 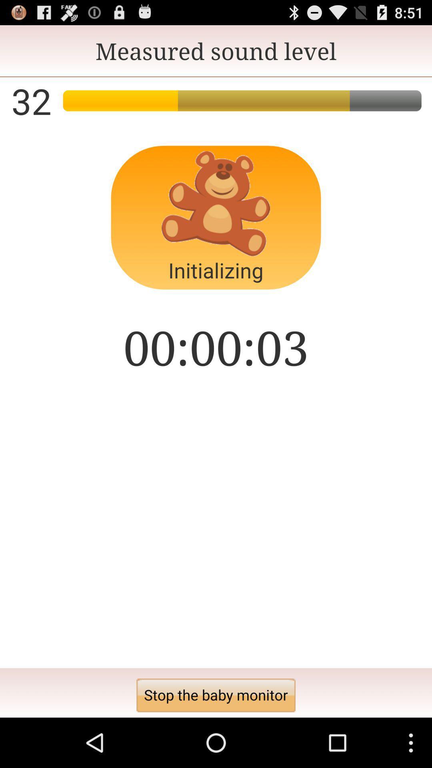 I want to click on the stop the baby icon, so click(x=216, y=695).